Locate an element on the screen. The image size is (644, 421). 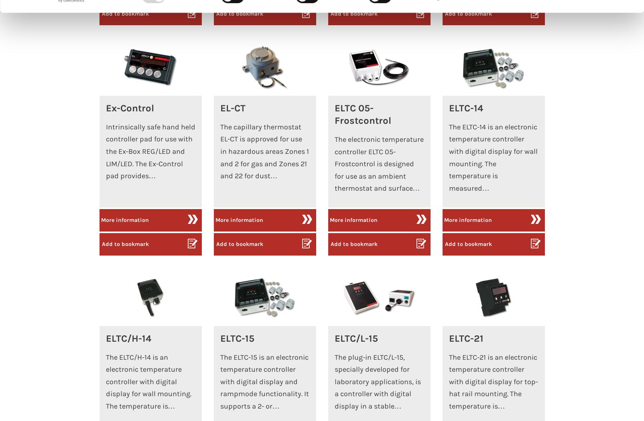
'EL-CT' is located at coordinates (232, 107).